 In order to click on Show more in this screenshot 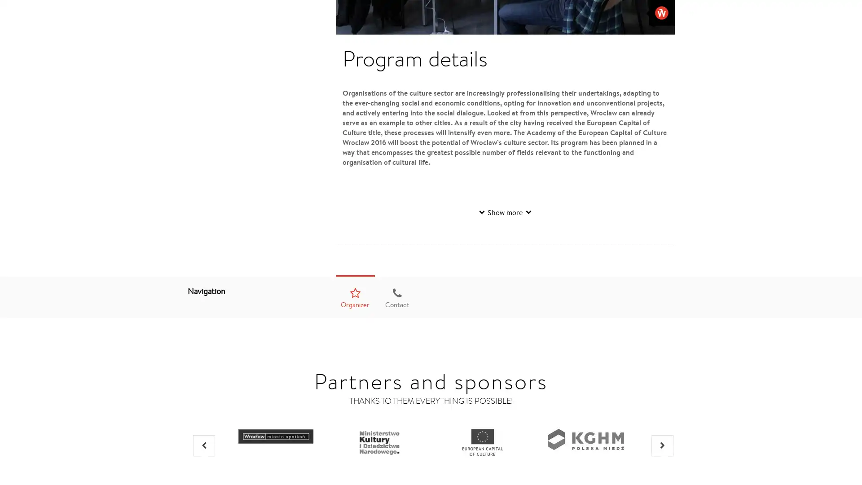, I will do `click(505, 212)`.